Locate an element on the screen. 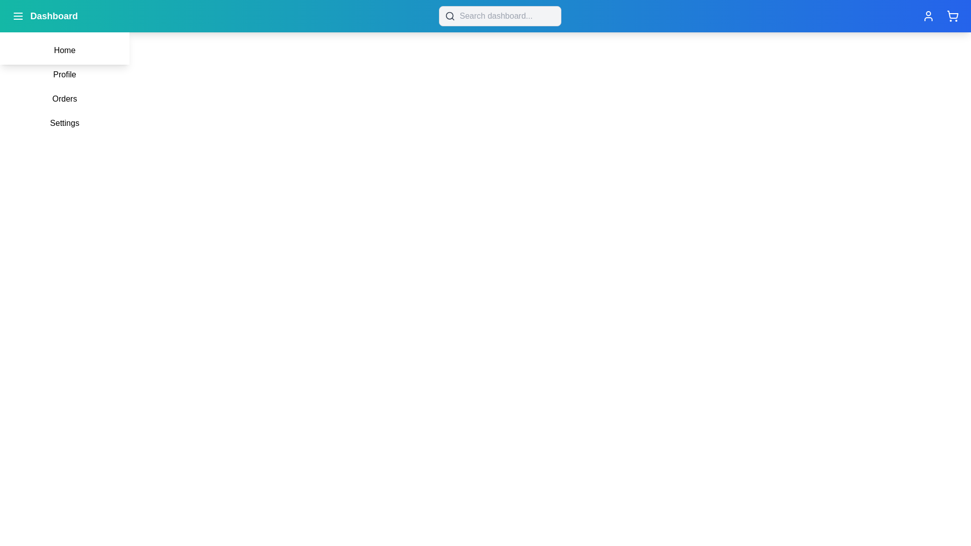  the decorative search icon located inside the search input field at the top center of the interface, positioned to the left of the input field is located at coordinates (450, 16).